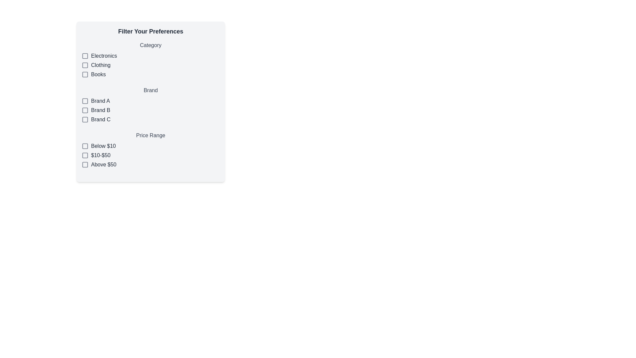 Image resolution: width=636 pixels, height=358 pixels. What do you see at coordinates (85, 110) in the screenshot?
I see `the checkbox for 'Brand B'` at bounding box center [85, 110].